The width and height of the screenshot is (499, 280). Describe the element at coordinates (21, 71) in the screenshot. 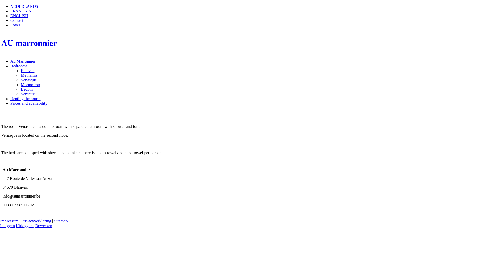

I see `'Blauvac'` at that location.